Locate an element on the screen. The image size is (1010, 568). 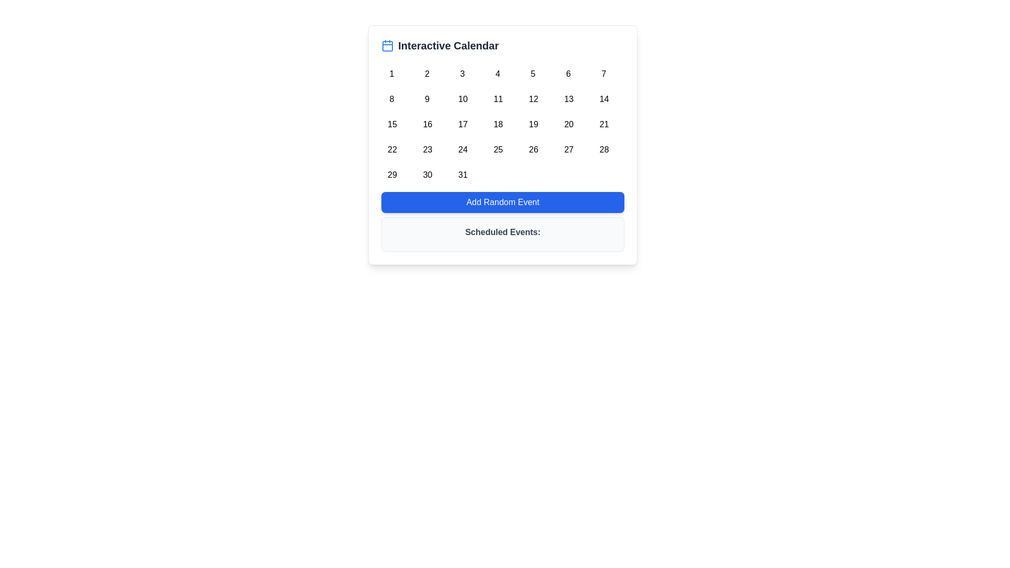
the calendar date button displaying '10' is located at coordinates (462, 97).